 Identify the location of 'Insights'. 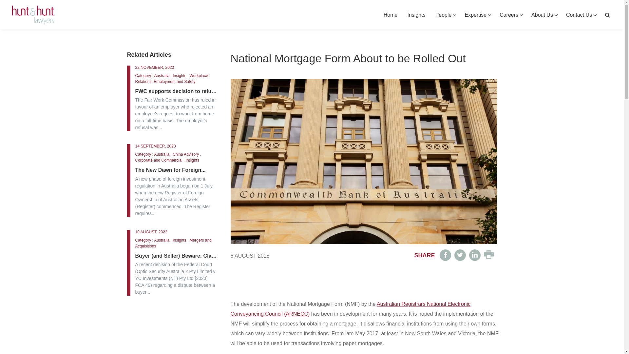
(173, 75).